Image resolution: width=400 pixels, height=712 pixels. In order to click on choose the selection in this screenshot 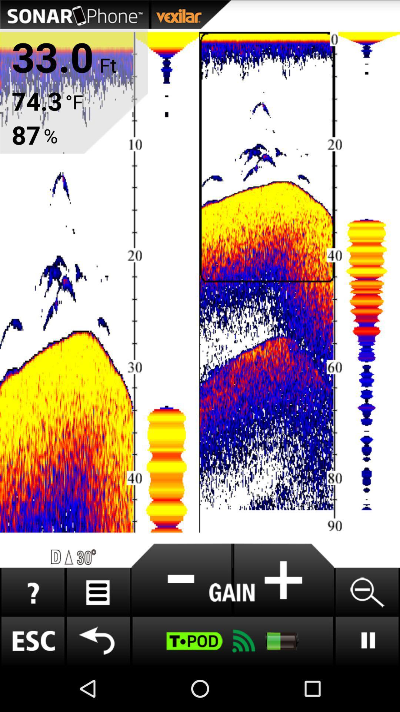, I will do `click(283, 580)`.